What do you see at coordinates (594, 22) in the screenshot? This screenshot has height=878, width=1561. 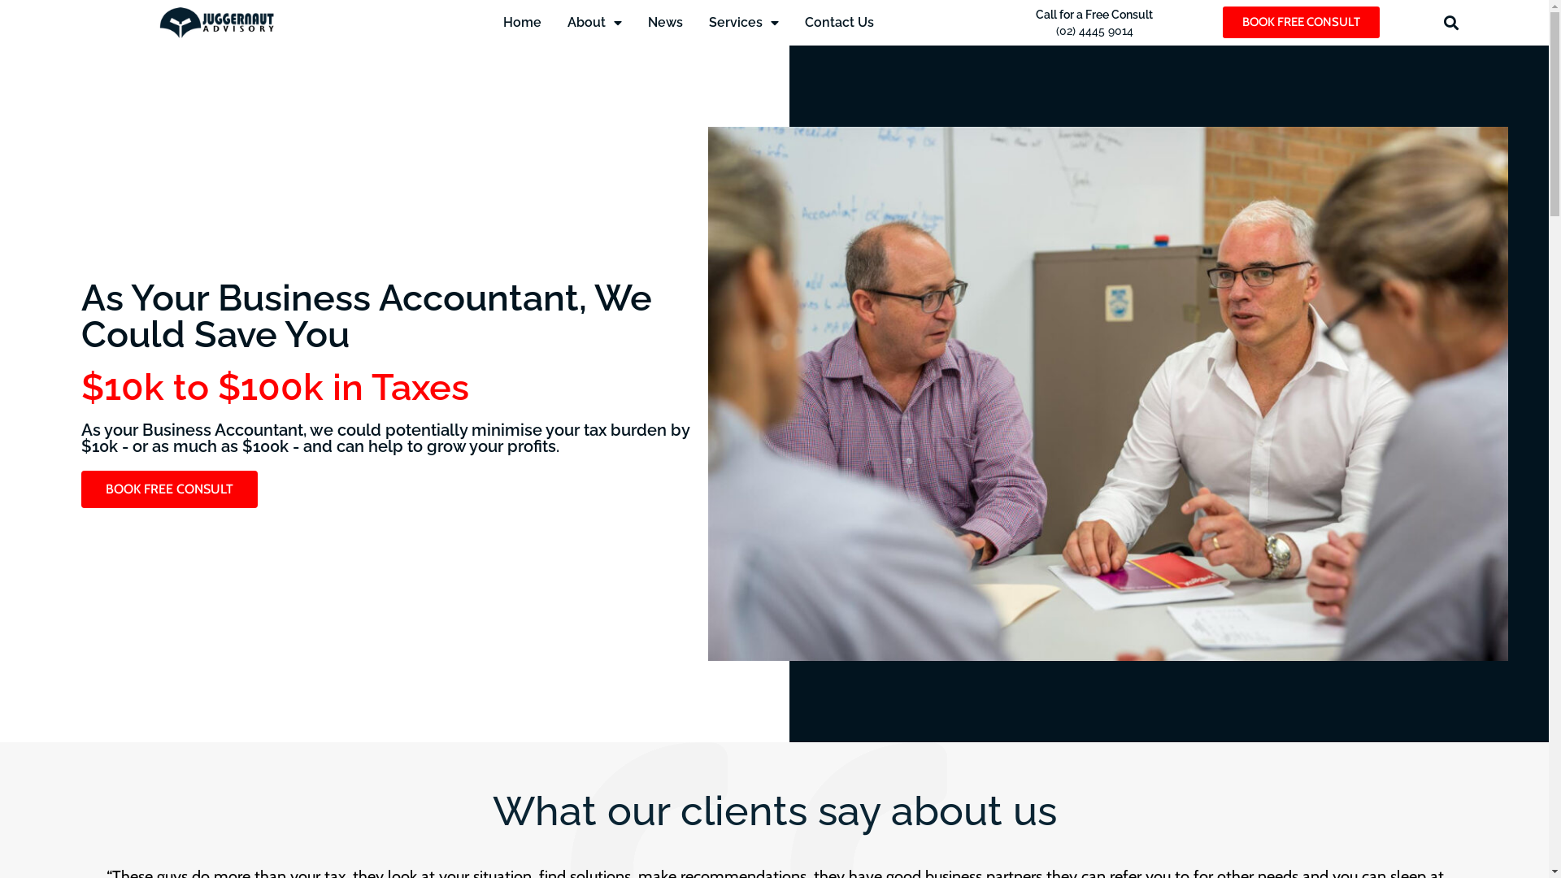 I see `'About'` at bounding box center [594, 22].